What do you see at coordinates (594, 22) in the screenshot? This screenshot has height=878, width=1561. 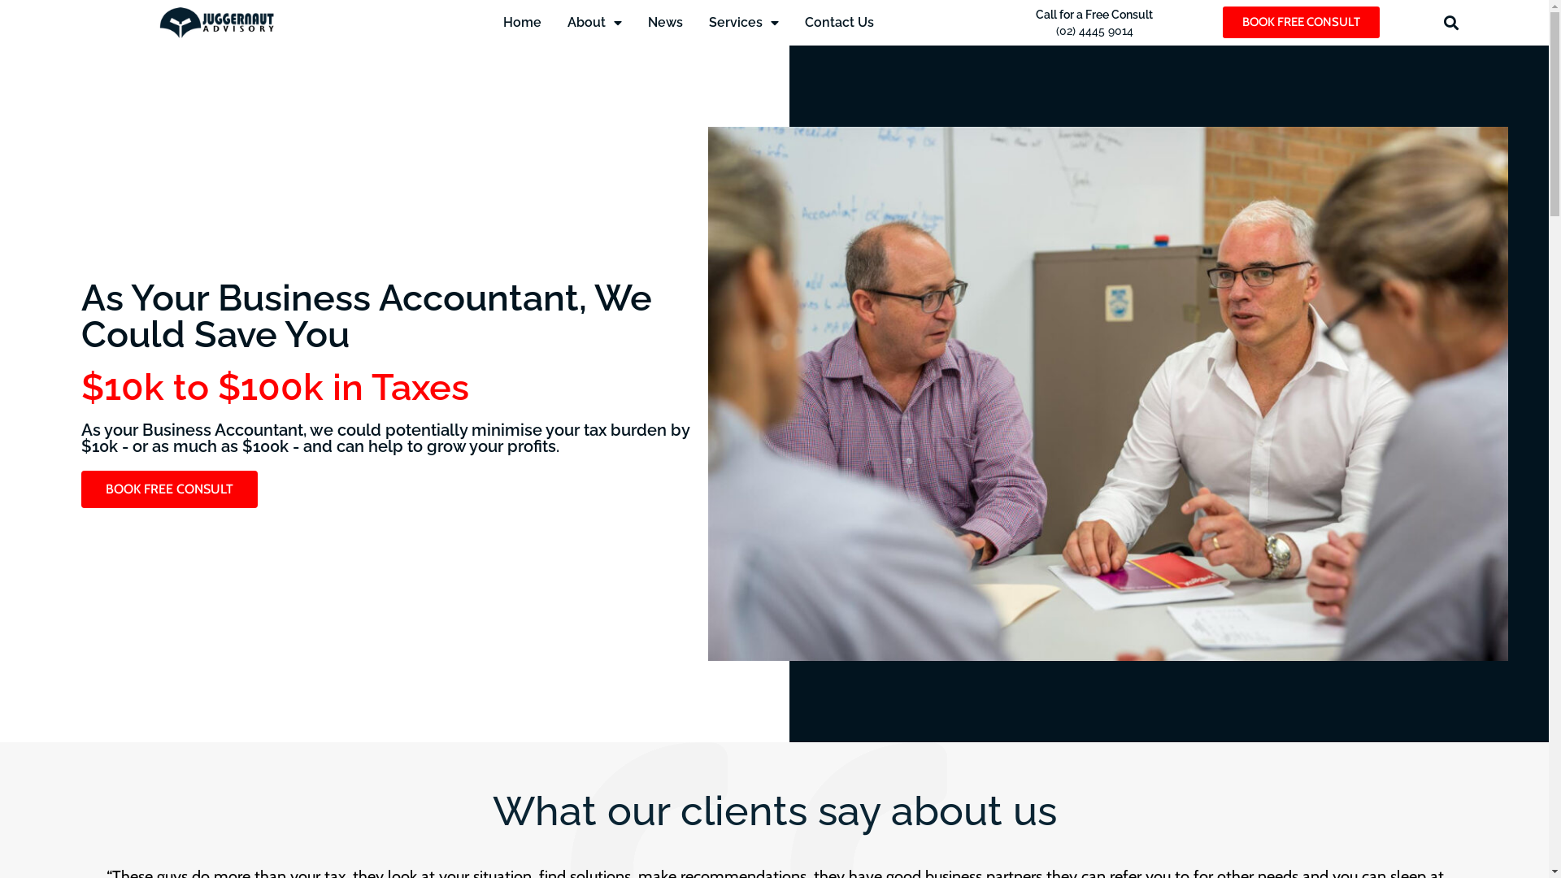 I see `'About'` at bounding box center [594, 22].